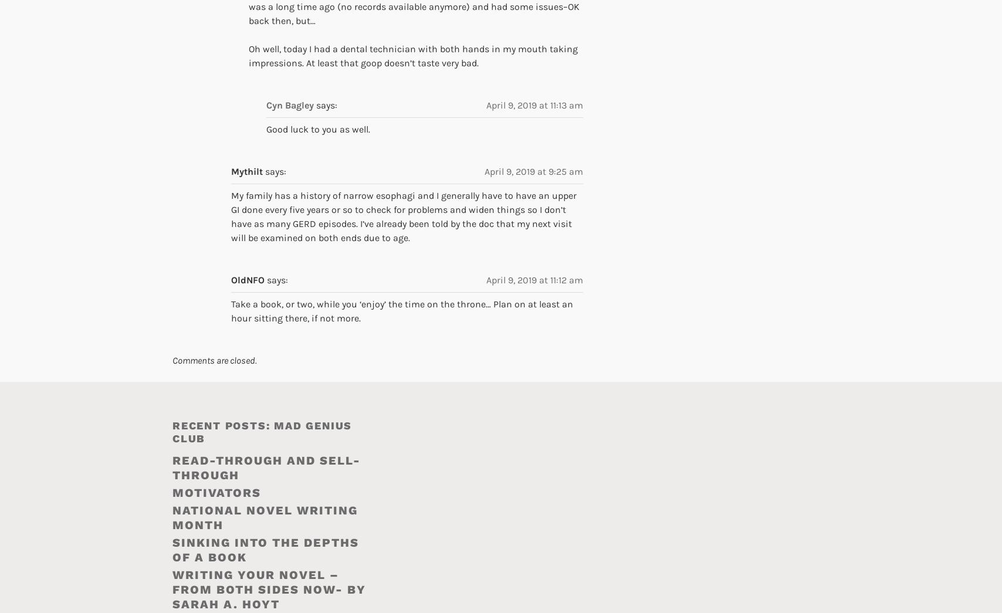 The image size is (1002, 613). Describe the element at coordinates (266, 128) in the screenshot. I see `'Good luck to you as well.'` at that location.